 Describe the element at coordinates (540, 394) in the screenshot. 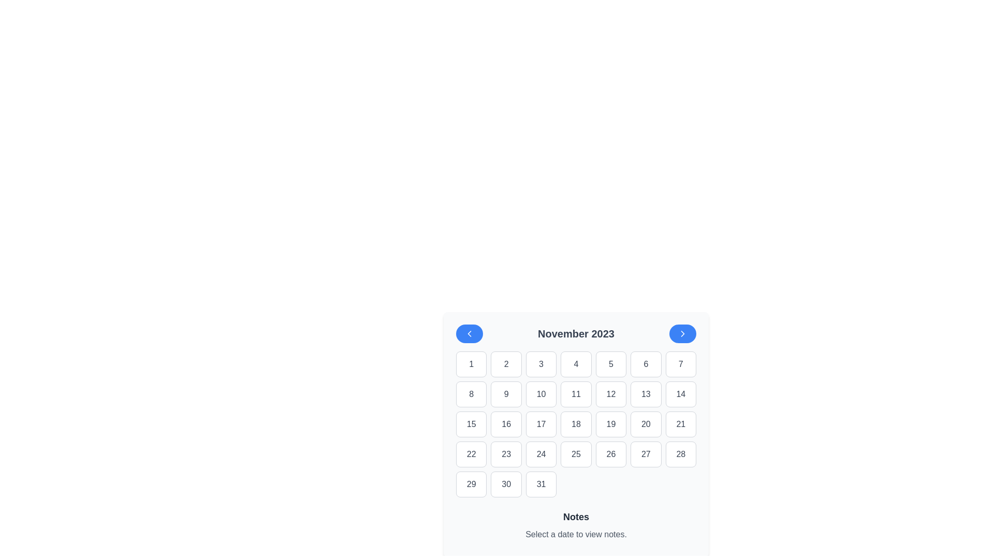

I see `the date selection button` at that location.